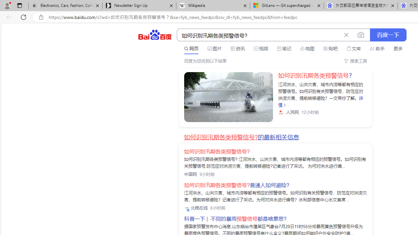  I want to click on 'AutomationID: kw', so click(259, 35).